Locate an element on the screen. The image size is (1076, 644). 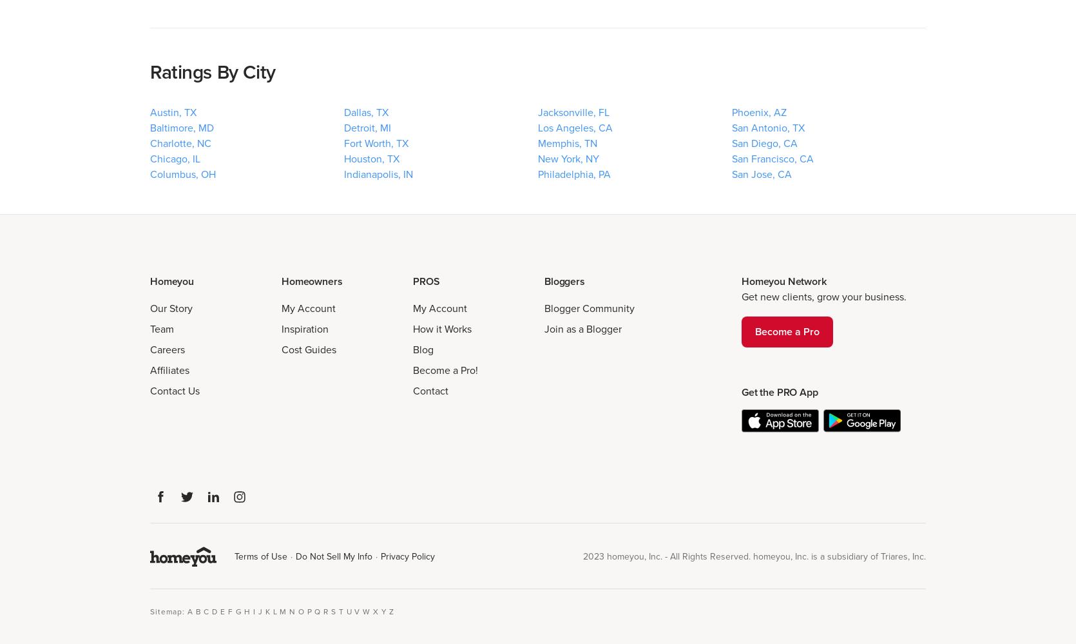
'Blogger Community' is located at coordinates (589, 308).